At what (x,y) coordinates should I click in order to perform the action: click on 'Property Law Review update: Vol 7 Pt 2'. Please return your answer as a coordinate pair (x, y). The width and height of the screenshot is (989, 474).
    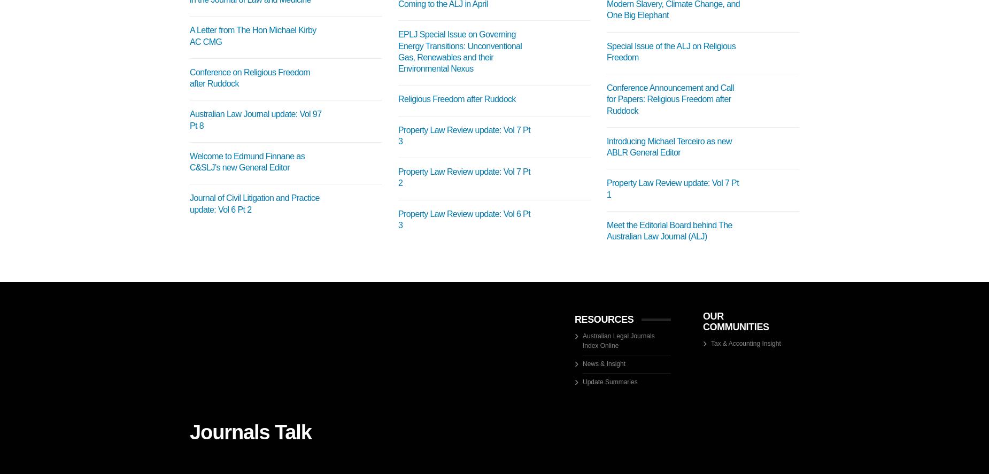
    Looking at the image, I should click on (464, 177).